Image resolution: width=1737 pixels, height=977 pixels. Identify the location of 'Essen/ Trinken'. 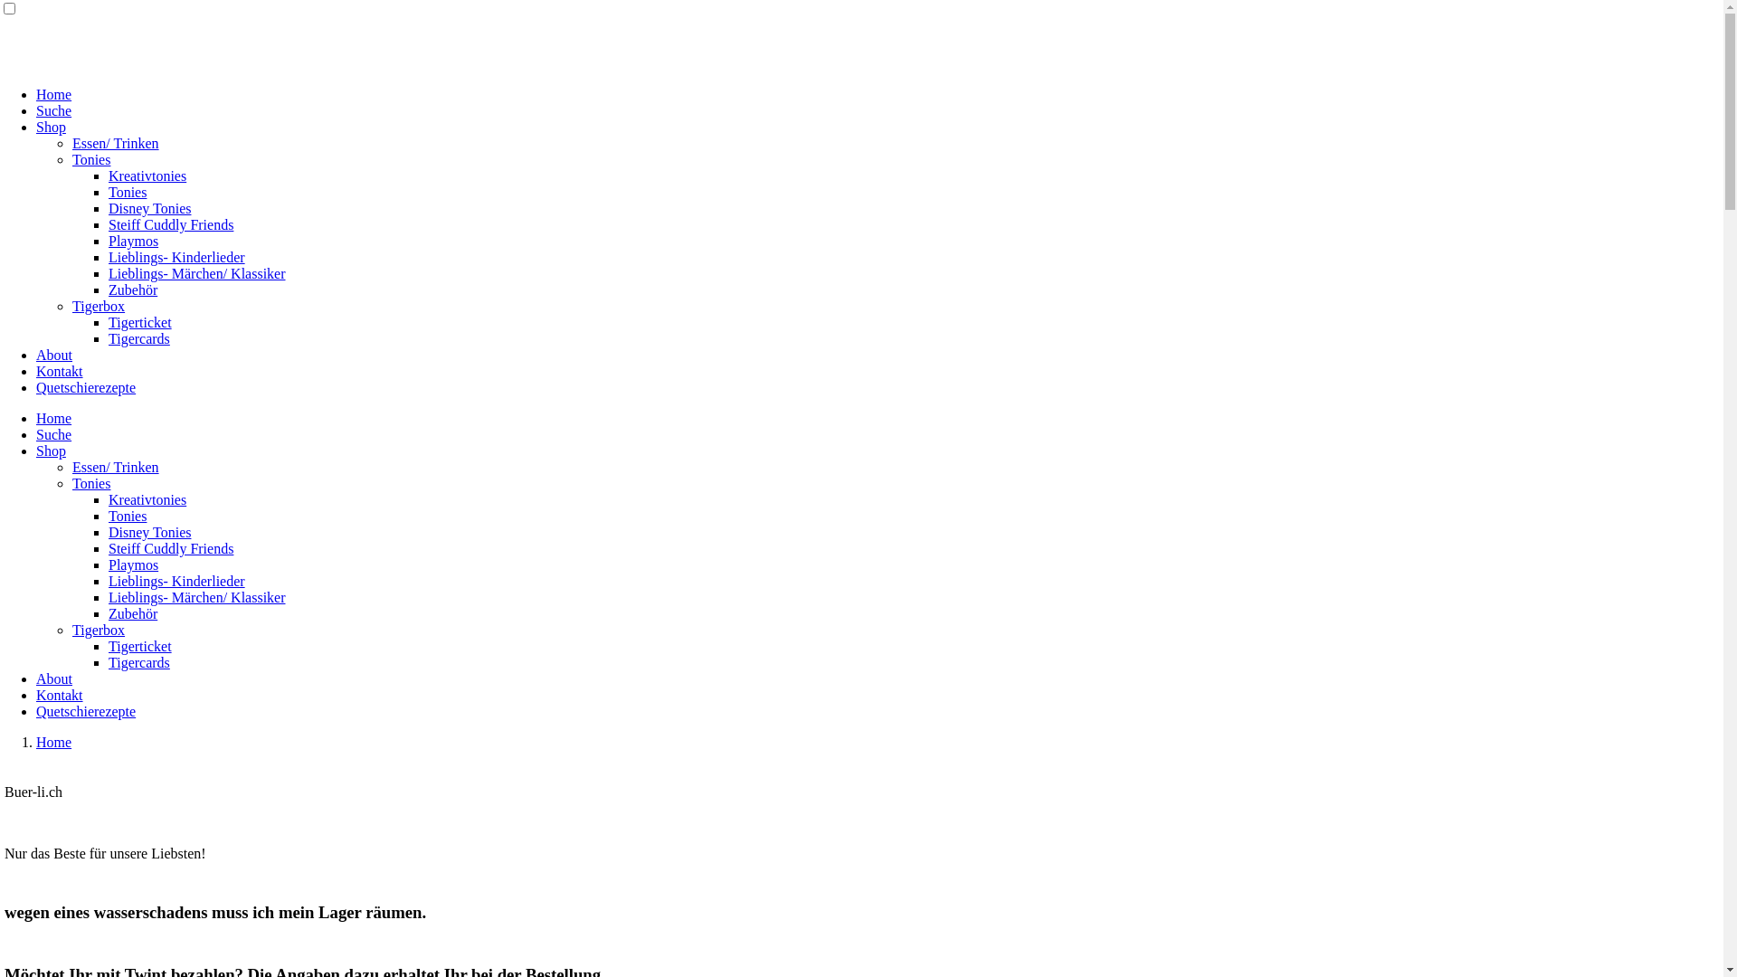
(115, 142).